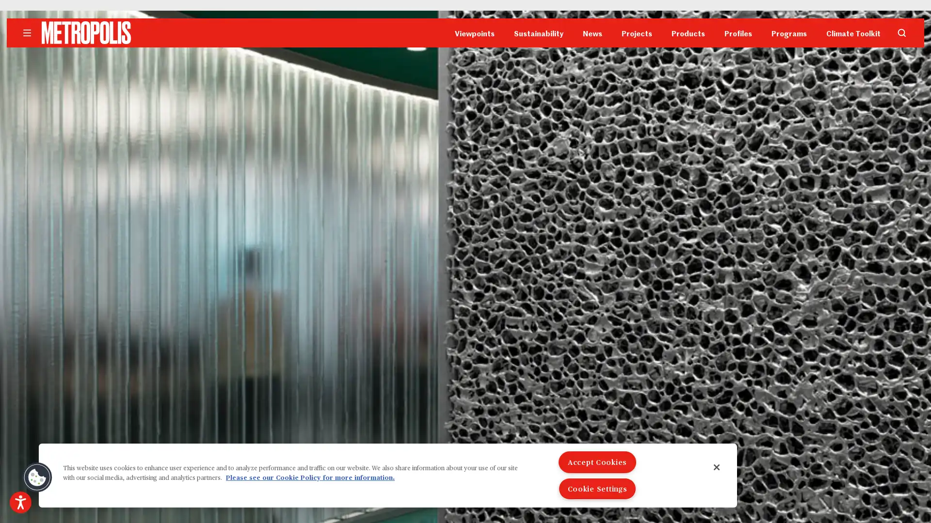 This screenshot has width=931, height=523. I want to click on Cookie Settings, so click(597, 489).